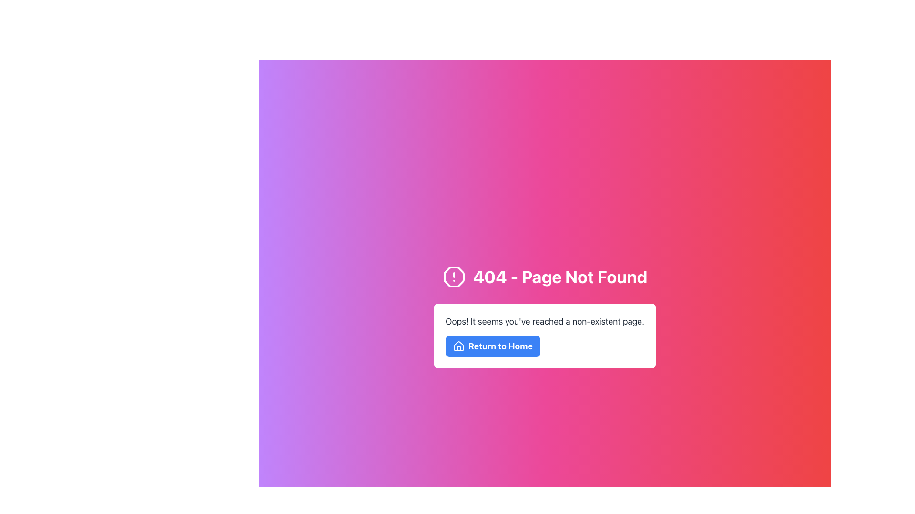 Image resolution: width=915 pixels, height=514 pixels. I want to click on the house-shaped icon representing the 'home' concept, located to the left of the text 'Return to Home', so click(459, 346).